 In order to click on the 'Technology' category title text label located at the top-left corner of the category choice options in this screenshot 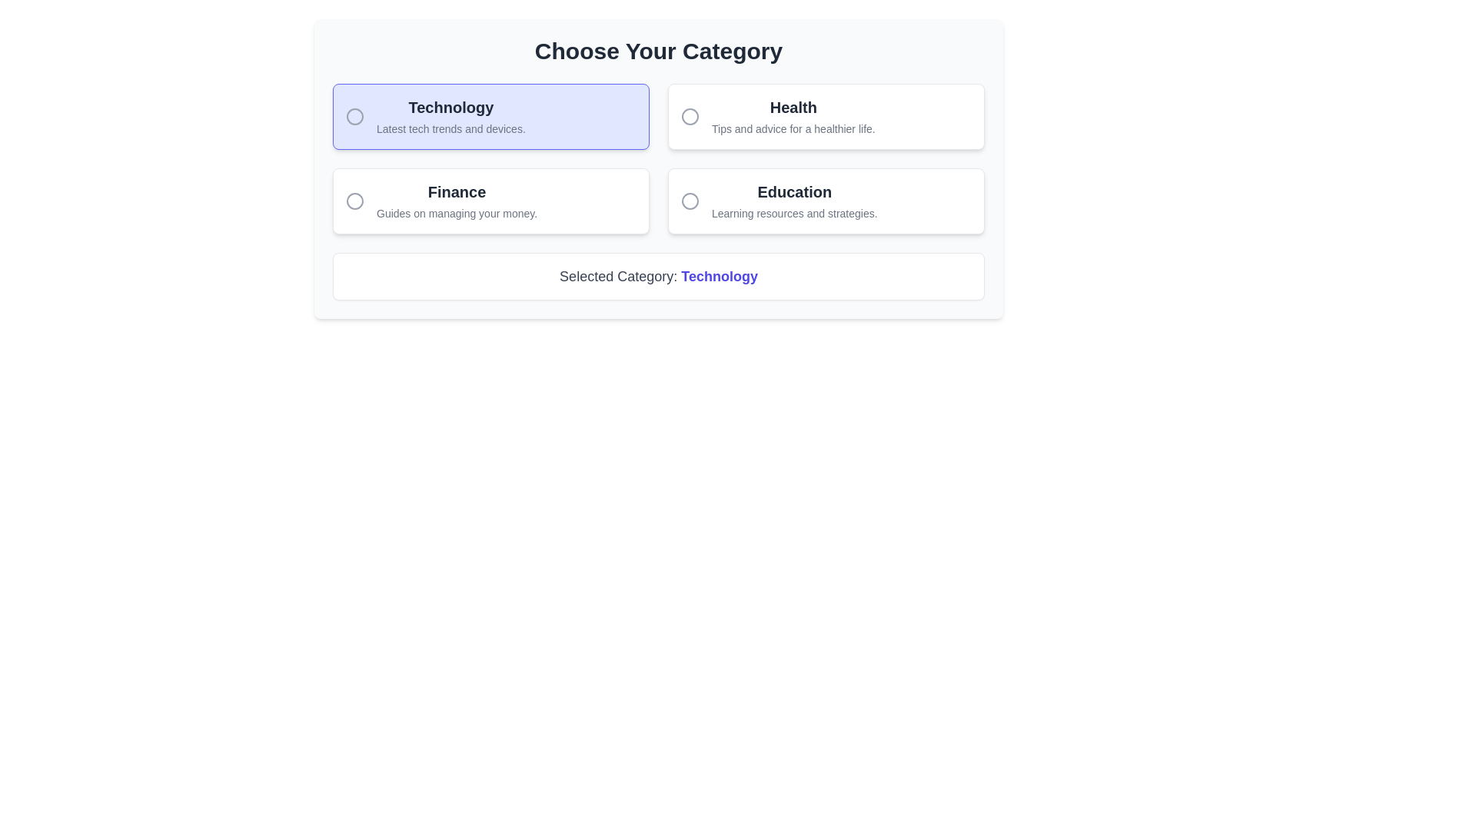, I will do `click(450, 106)`.